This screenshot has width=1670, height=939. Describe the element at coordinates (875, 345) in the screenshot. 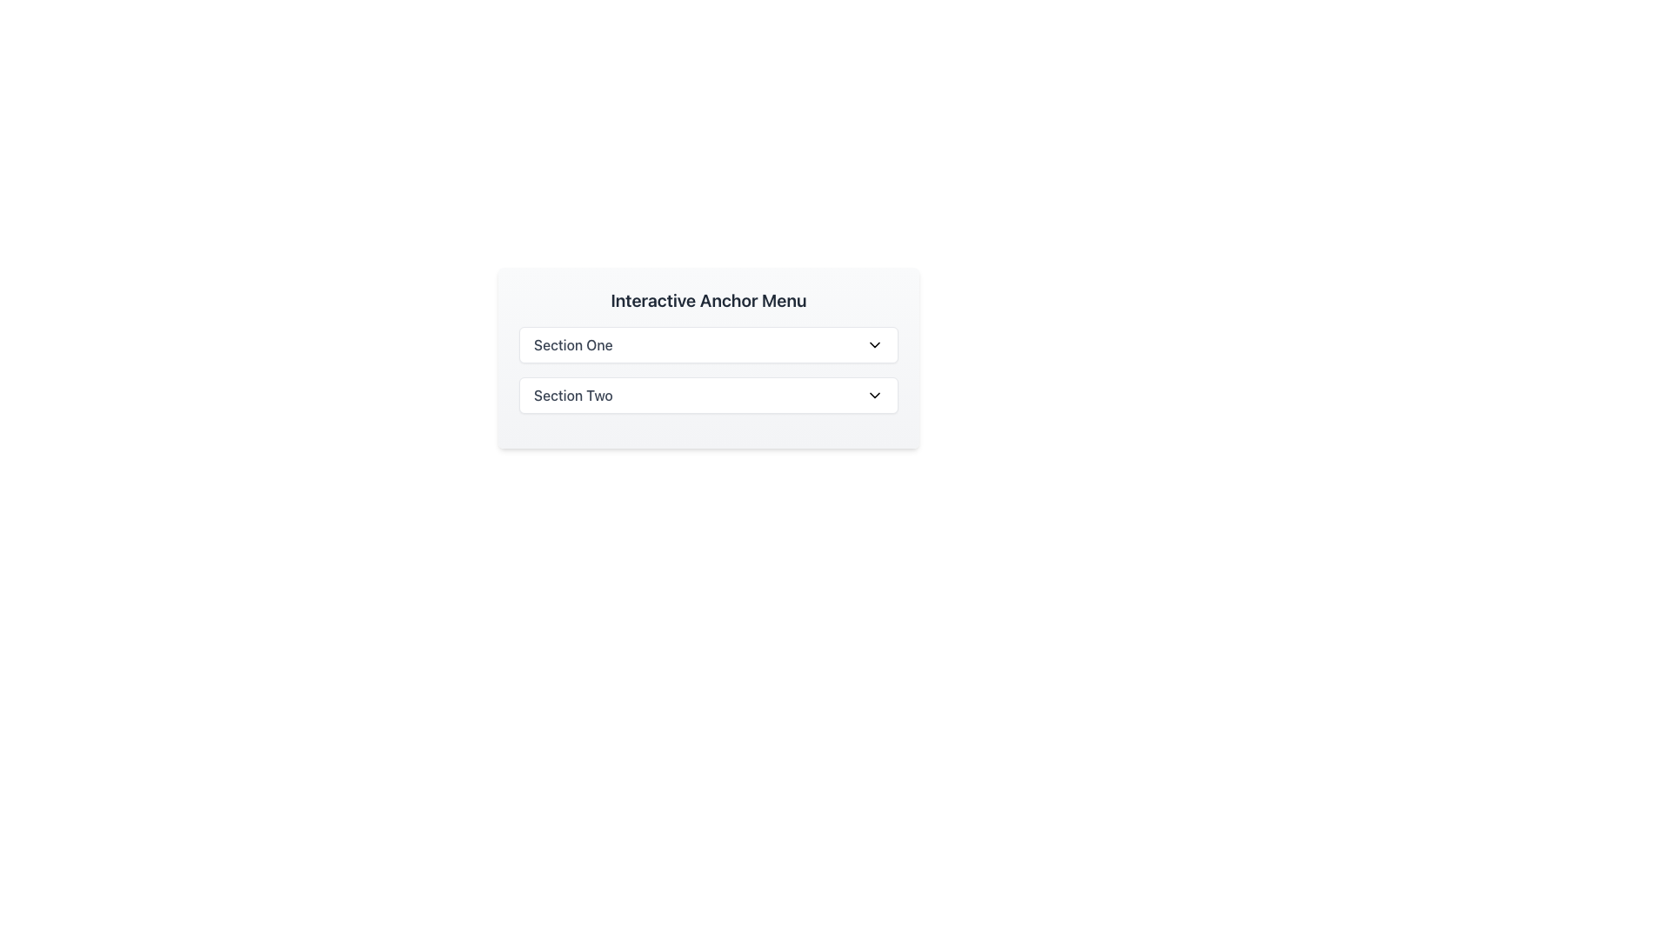

I see `the downward-pointing arrow icon located at the far-right of the 'Section One' bar` at that location.